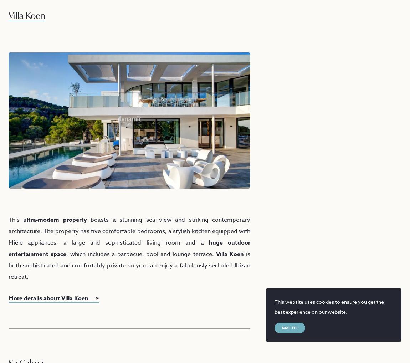 This screenshot has width=410, height=363. Describe the element at coordinates (19, 219) in the screenshot. I see `'ultra-modern property'` at that location.